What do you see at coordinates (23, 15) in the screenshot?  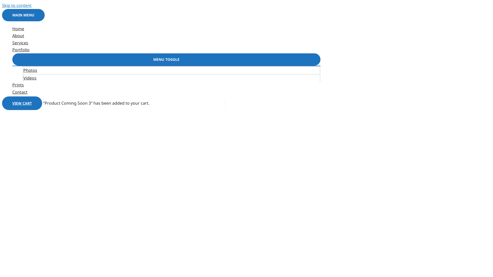 I see `'MAIN MENU'` at bounding box center [23, 15].